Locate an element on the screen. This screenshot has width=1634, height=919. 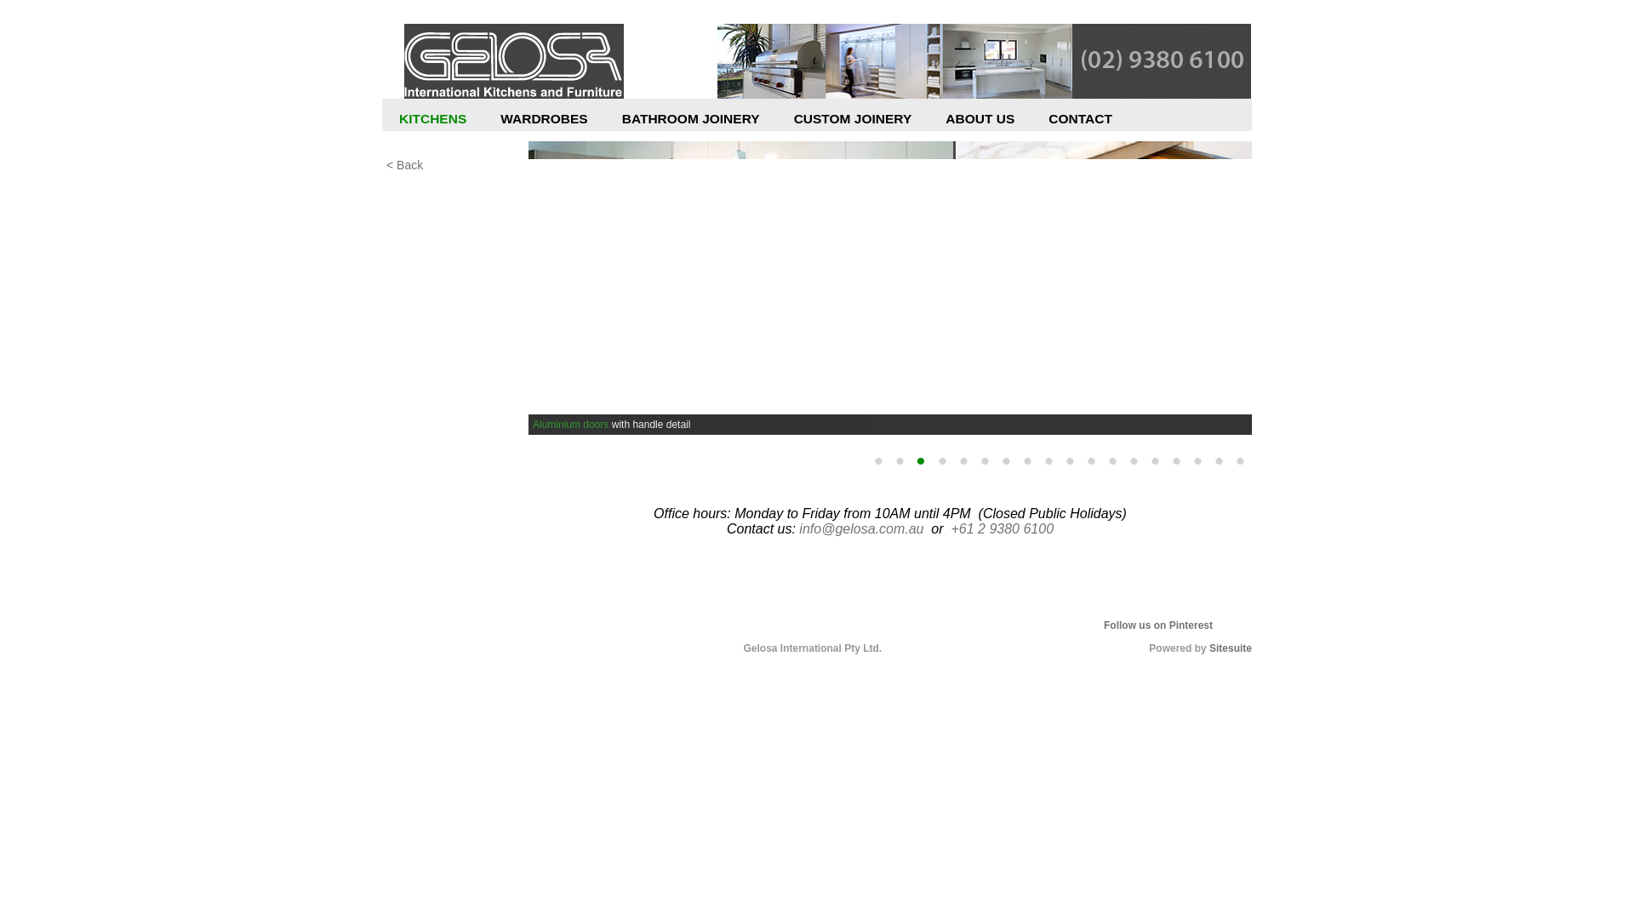
'KITCHENS' is located at coordinates (432, 123).